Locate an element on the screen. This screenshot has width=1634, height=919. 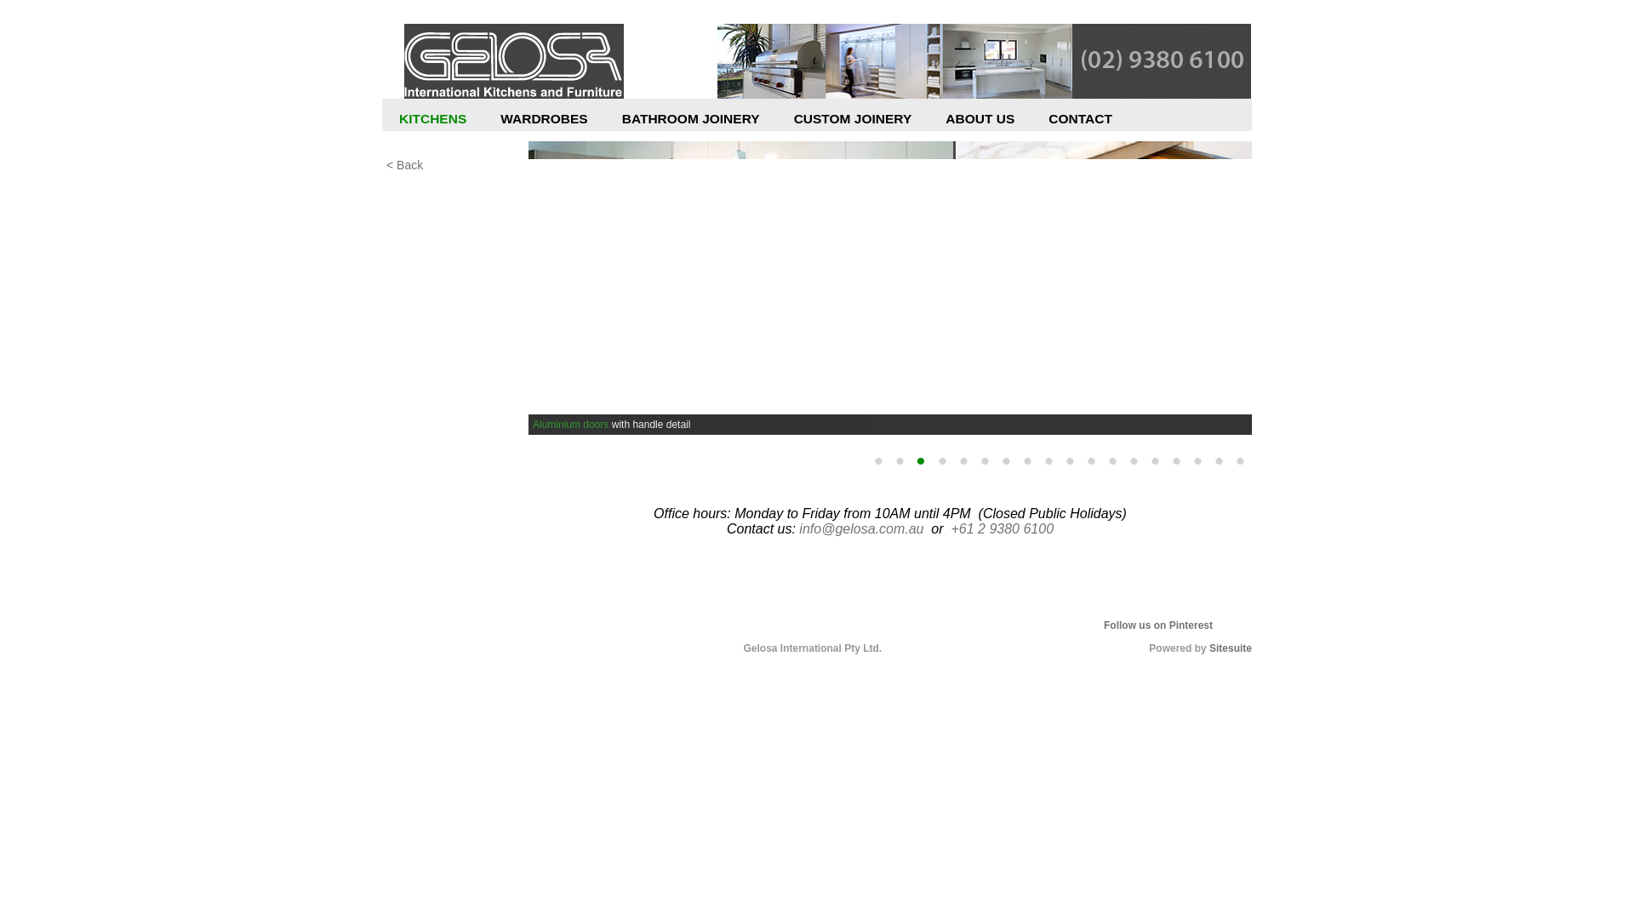
'KITCHENS' is located at coordinates (432, 123).